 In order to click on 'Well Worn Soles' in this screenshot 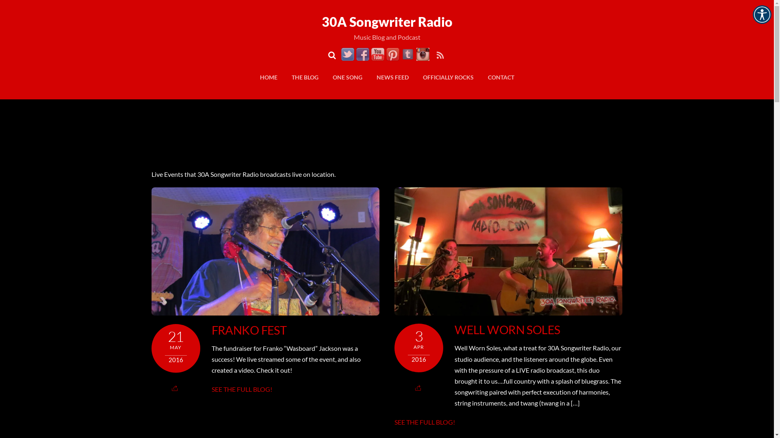, I will do `click(508, 251)`.